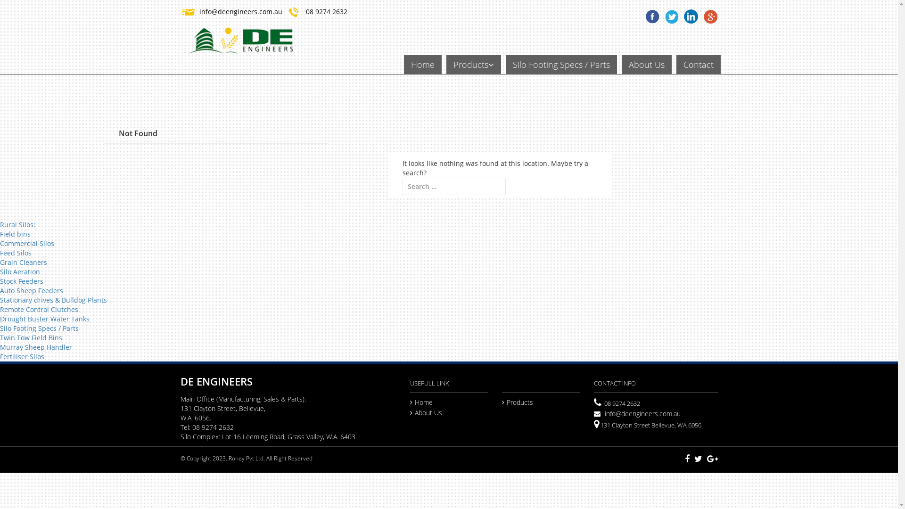  I want to click on 'Feed Silos', so click(16, 252).